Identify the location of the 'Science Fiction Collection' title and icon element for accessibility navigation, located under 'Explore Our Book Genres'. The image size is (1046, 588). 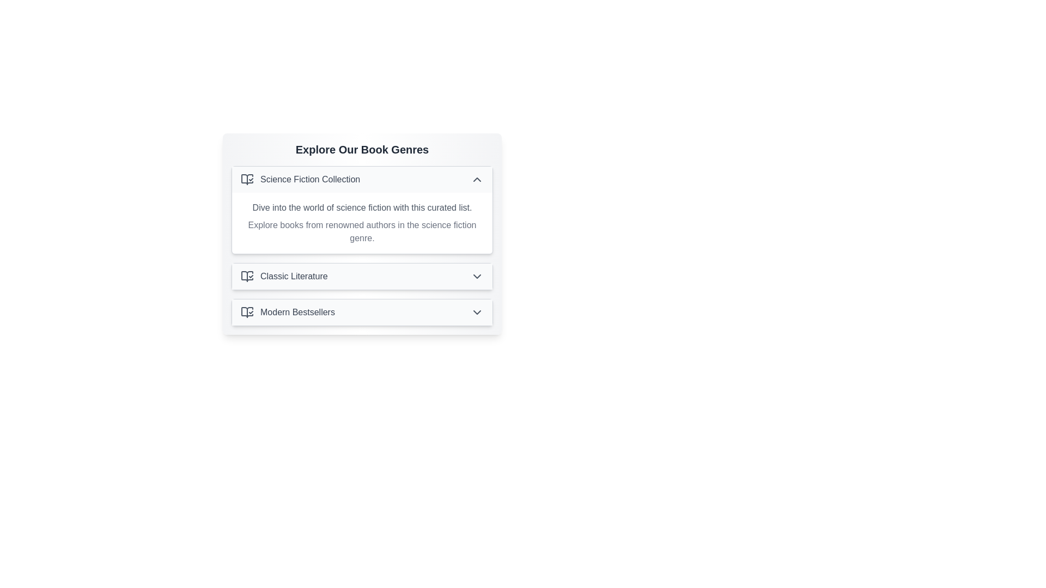
(300, 179).